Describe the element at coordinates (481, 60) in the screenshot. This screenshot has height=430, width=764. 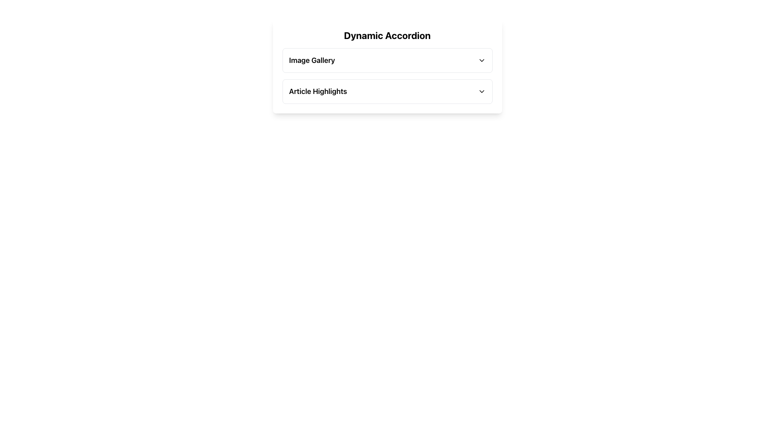
I see `the toggle icon located at the far right of the 'Image Gallery' section` at that location.